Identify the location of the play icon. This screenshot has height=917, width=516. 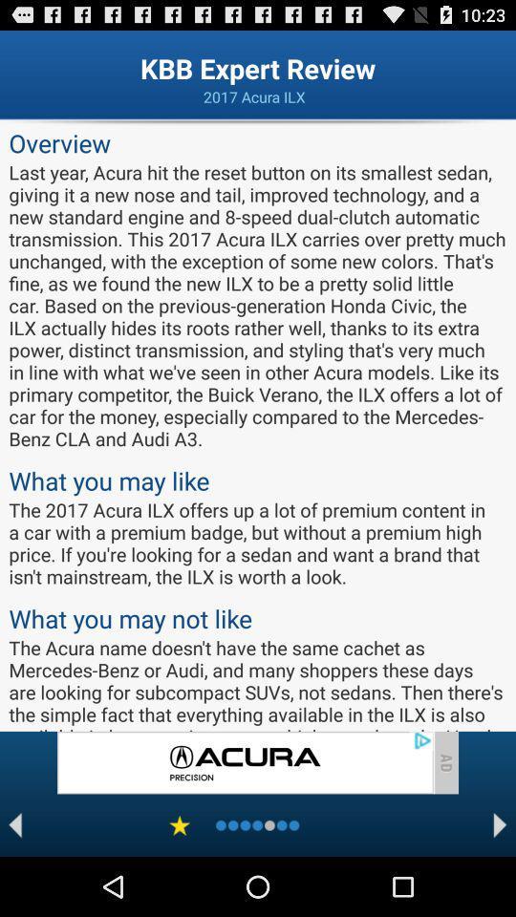
(500, 883).